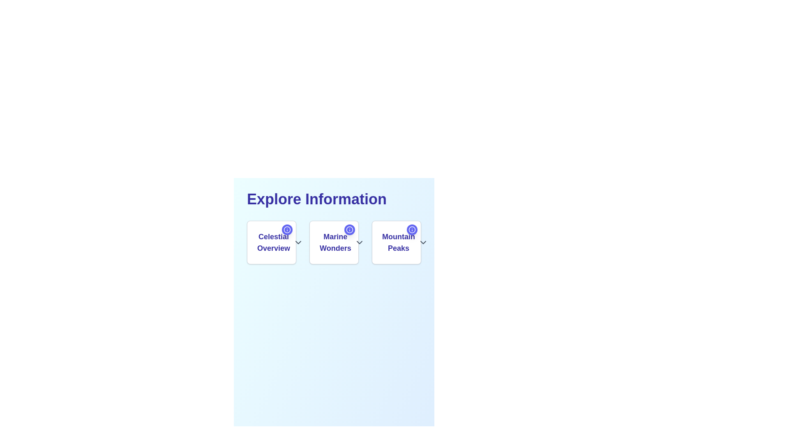  Describe the element at coordinates (298, 242) in the screenshot. I see `the chevron dropdown indicator located to the right of the 'Celestial Overview' text` at that location.